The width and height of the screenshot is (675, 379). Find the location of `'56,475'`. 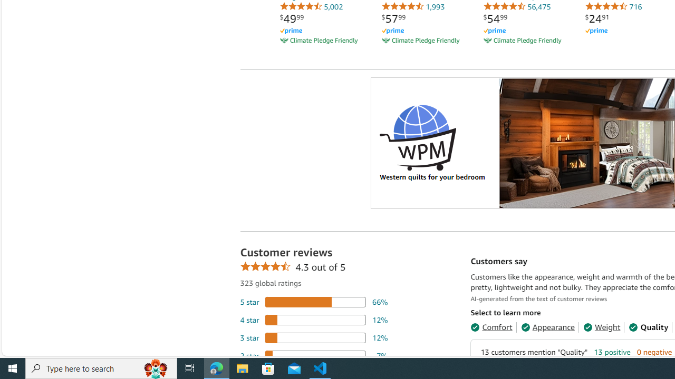

'56,475' is located at coordinates (517, 6).